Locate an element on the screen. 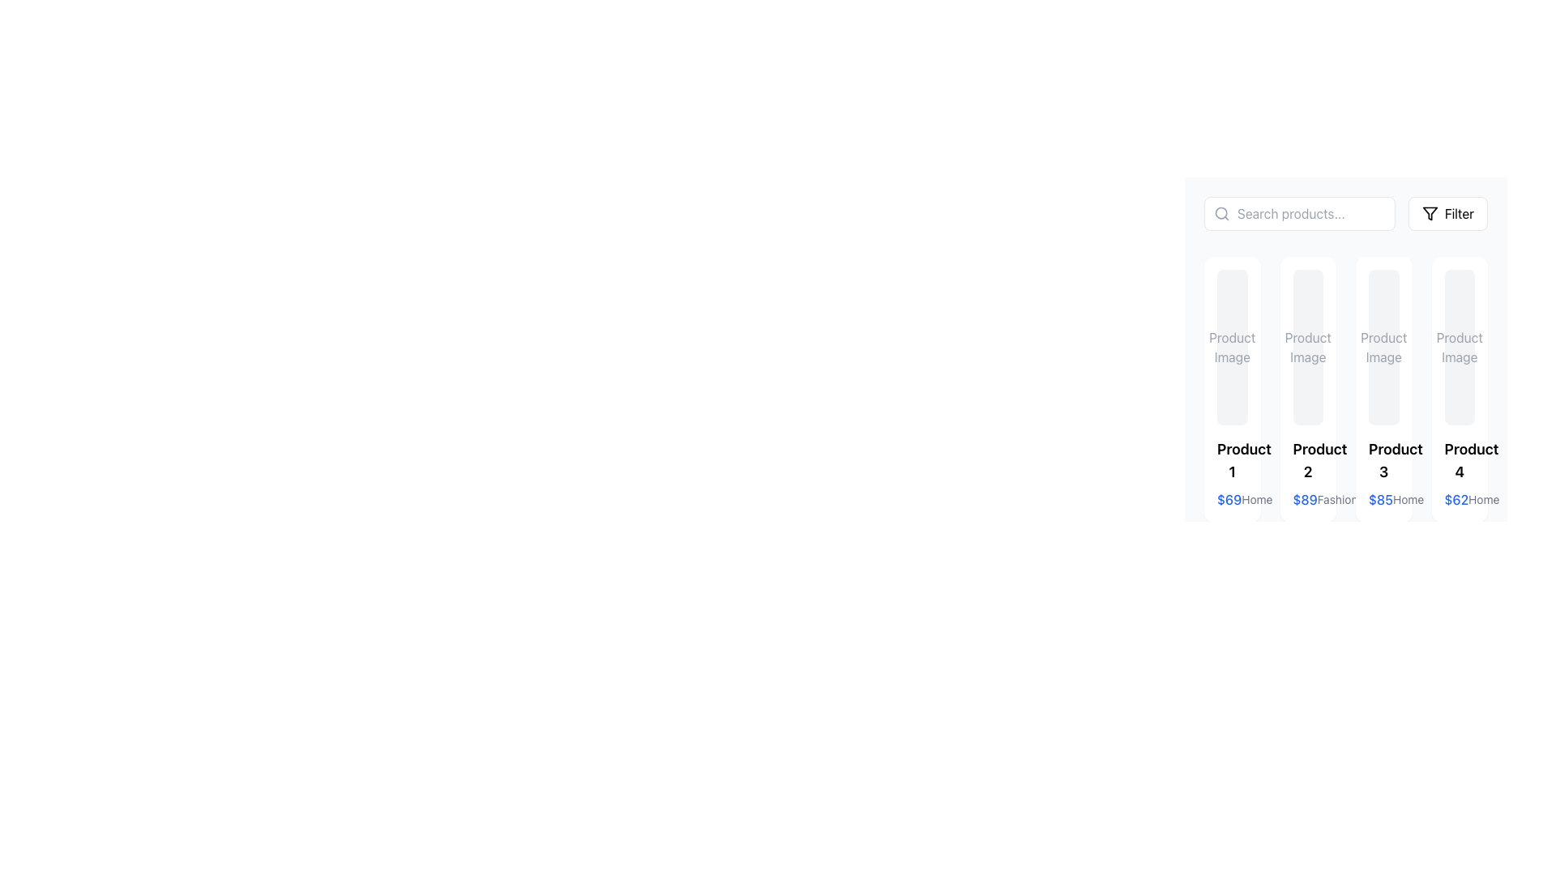 This screenshot has width=1556, height=875. pricing and category information from the Text Label displaying '$89' and 'Fashion', which is located below the 'Product 2' title in the second column of products is located at coordinates (1308, 499).